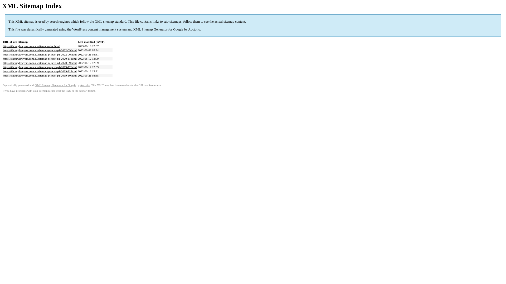  I want to click on 'https://khourylawyers.com.au/sitemap-pt-post-p1-2019-12.html', so click(39, 67).